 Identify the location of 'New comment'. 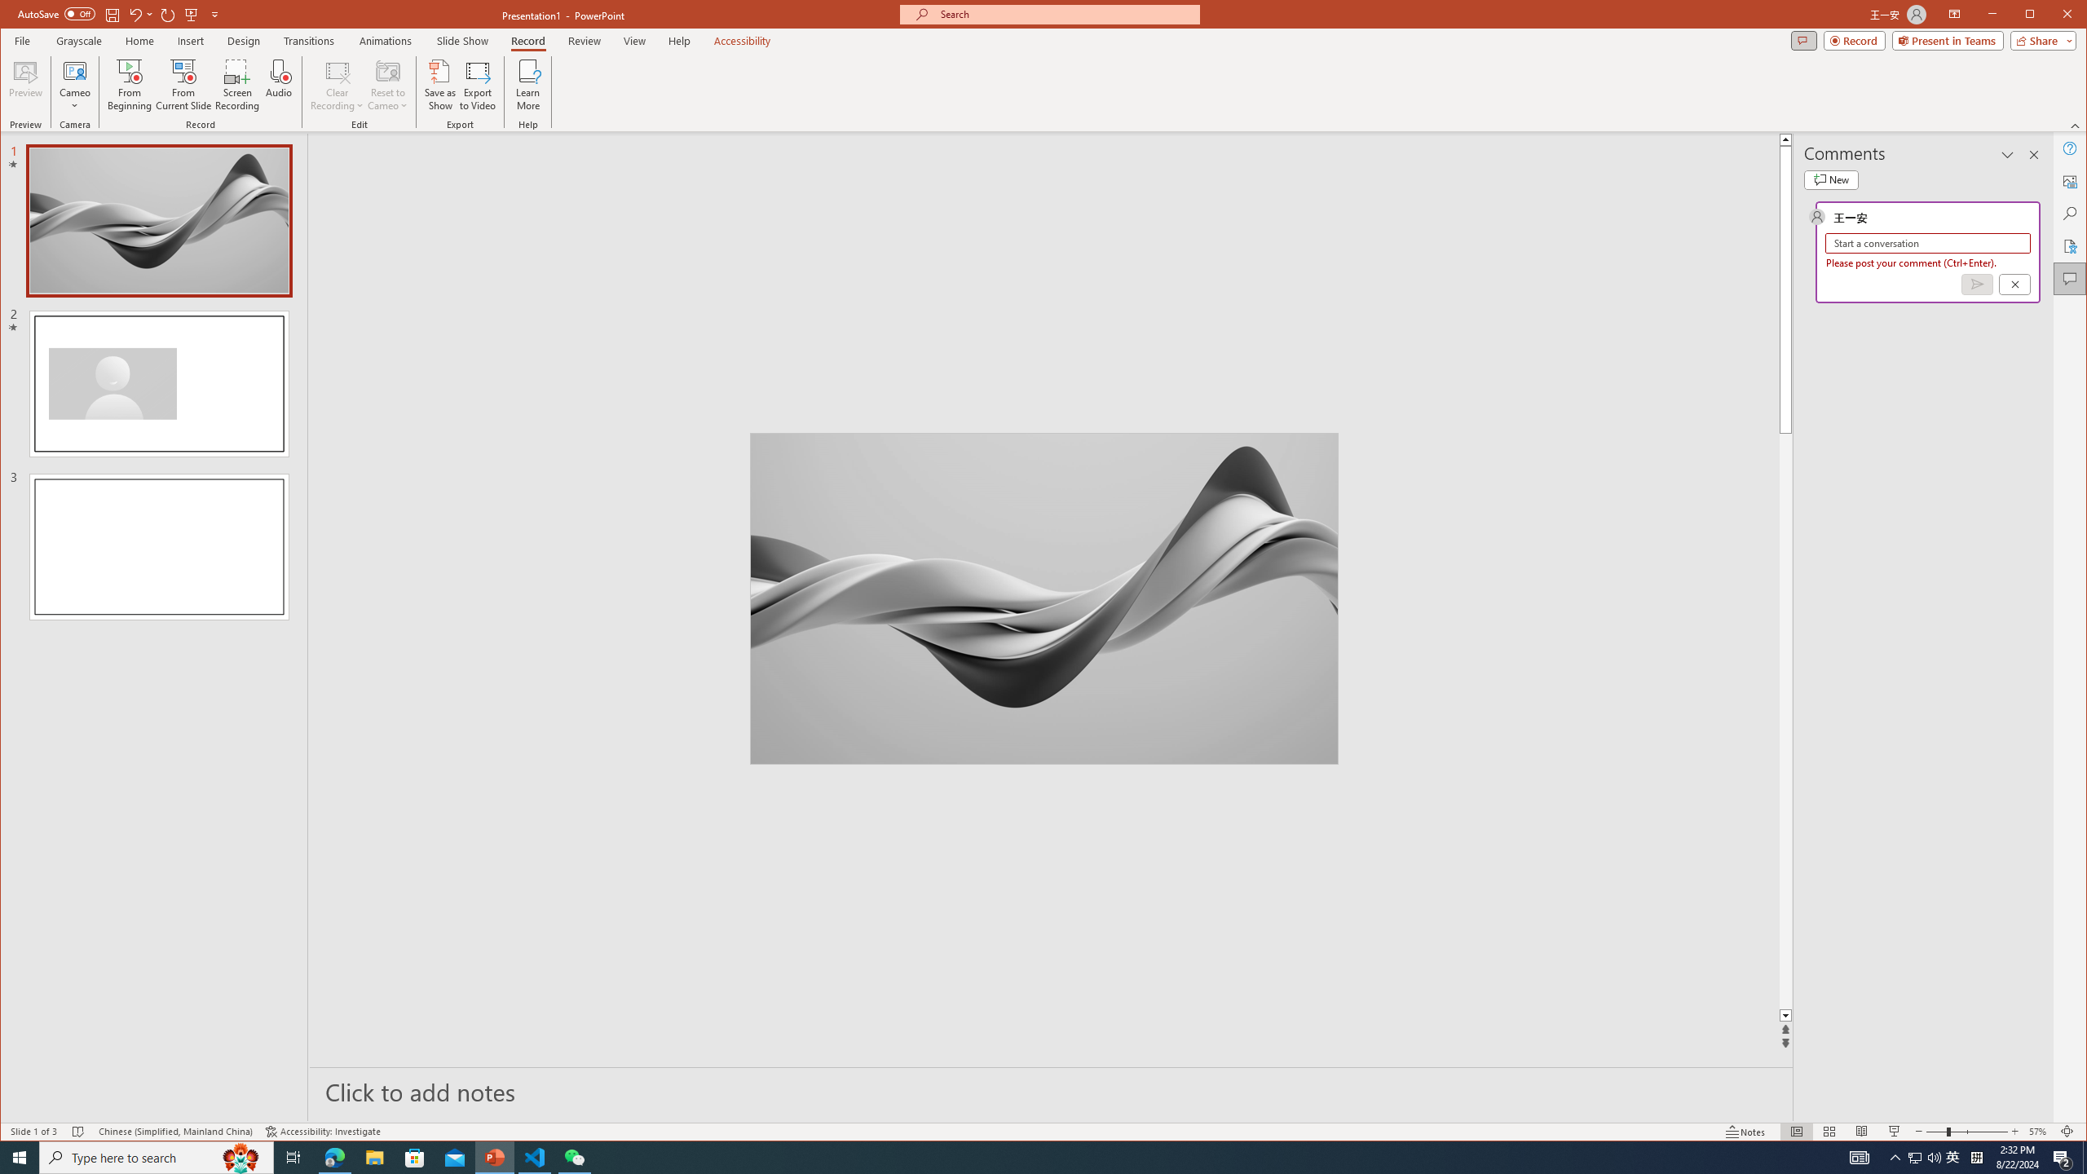
(1831, 180).